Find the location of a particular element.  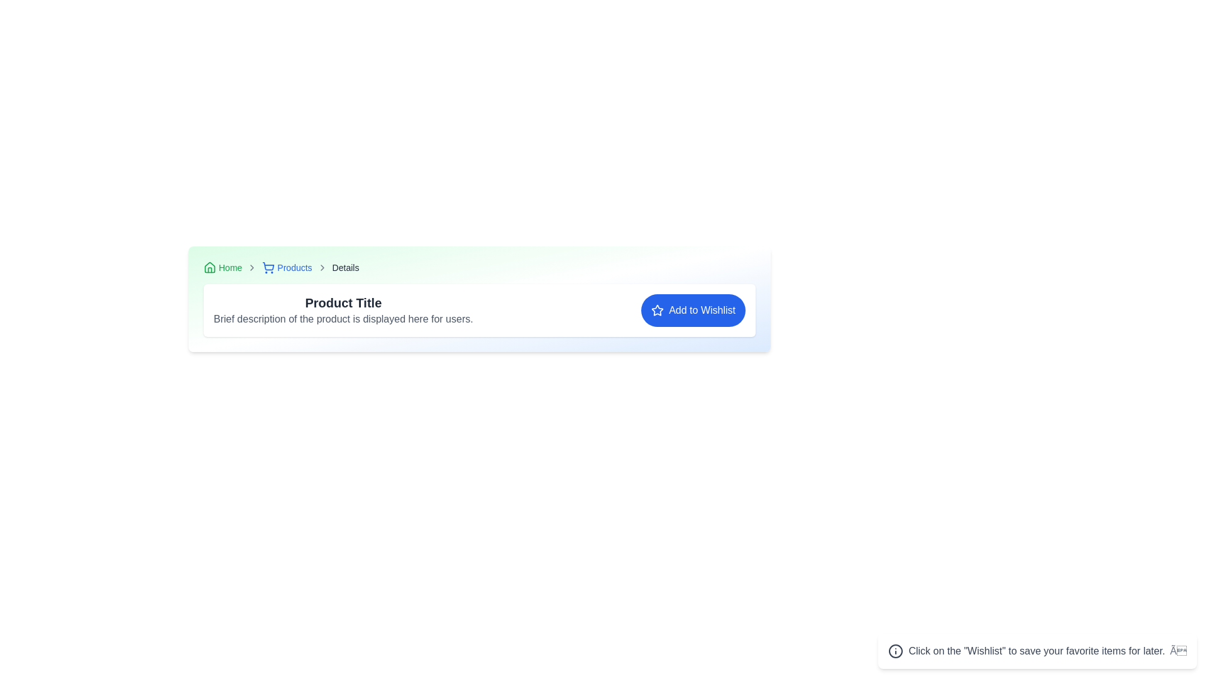

the medium-sized blue button labeled 'Add to Wishlist' with a star icon is located at coordinates (693, 310).